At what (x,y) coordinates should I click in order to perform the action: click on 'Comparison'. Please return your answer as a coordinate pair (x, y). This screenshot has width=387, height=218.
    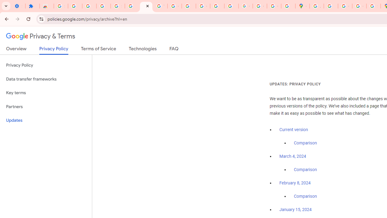
    Looking at the image, I should click on (305, 197).